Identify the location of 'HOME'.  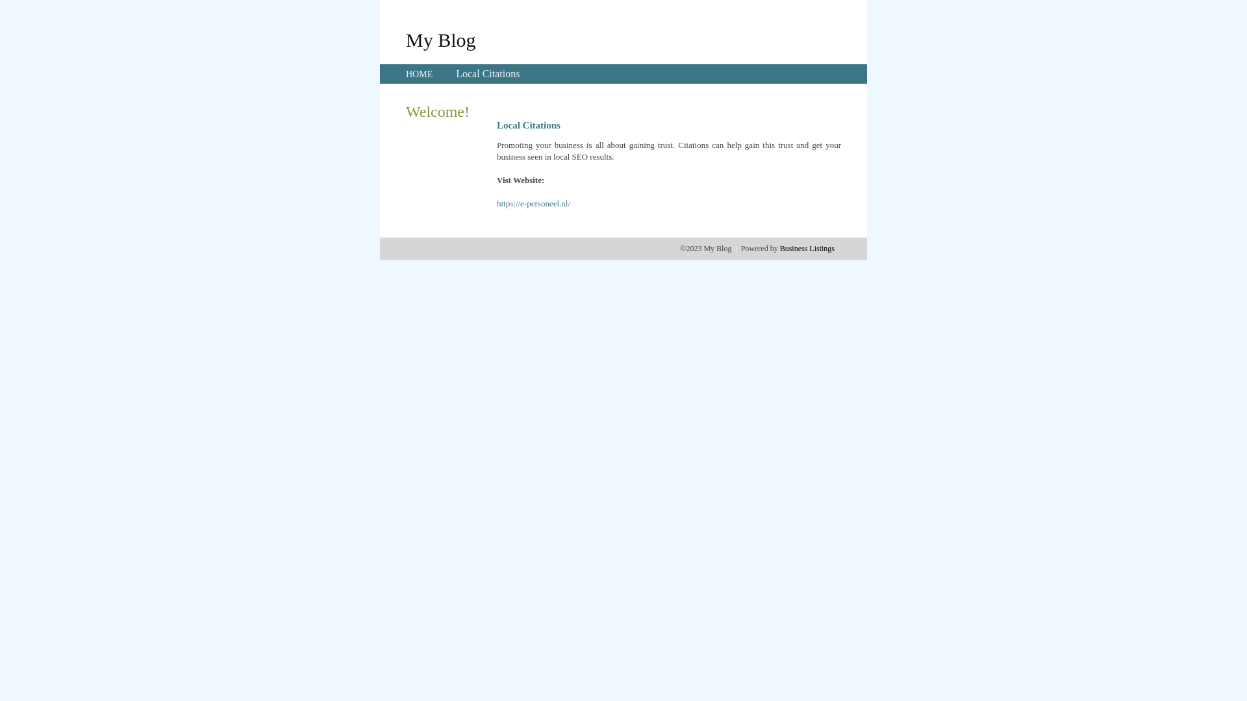
(419, 74).